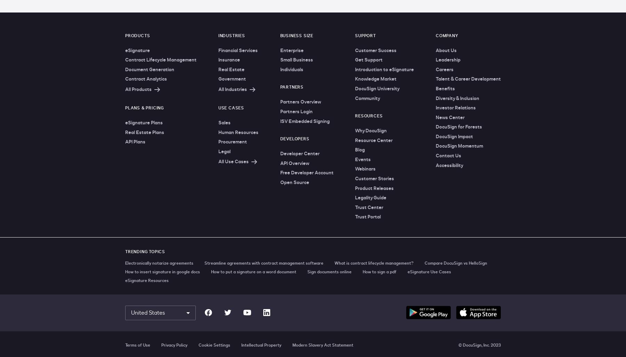  Describe the element at coordinates (147, 280) in the screenshot. I see `'eSignature Resources'` at that location.